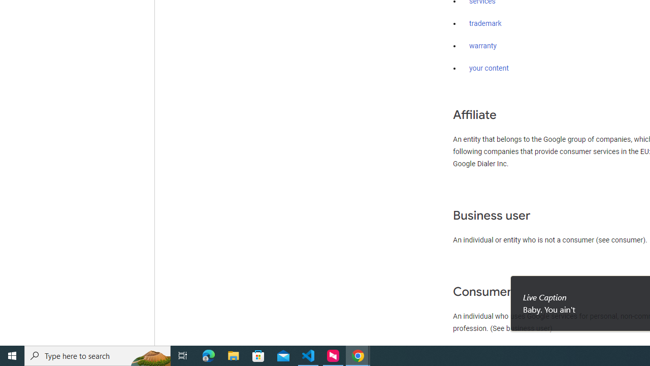 The width and height of the screenshot is (650, 366). Describe the element at coordinates (485, 23) in the screenshot. I see `'trademark'` at that location.